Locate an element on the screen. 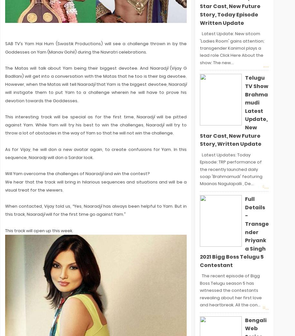 This screenshot has height=336, width=295. 'Will Yam overcome the challenges of Naarad' is located at coordinates (53, 173).